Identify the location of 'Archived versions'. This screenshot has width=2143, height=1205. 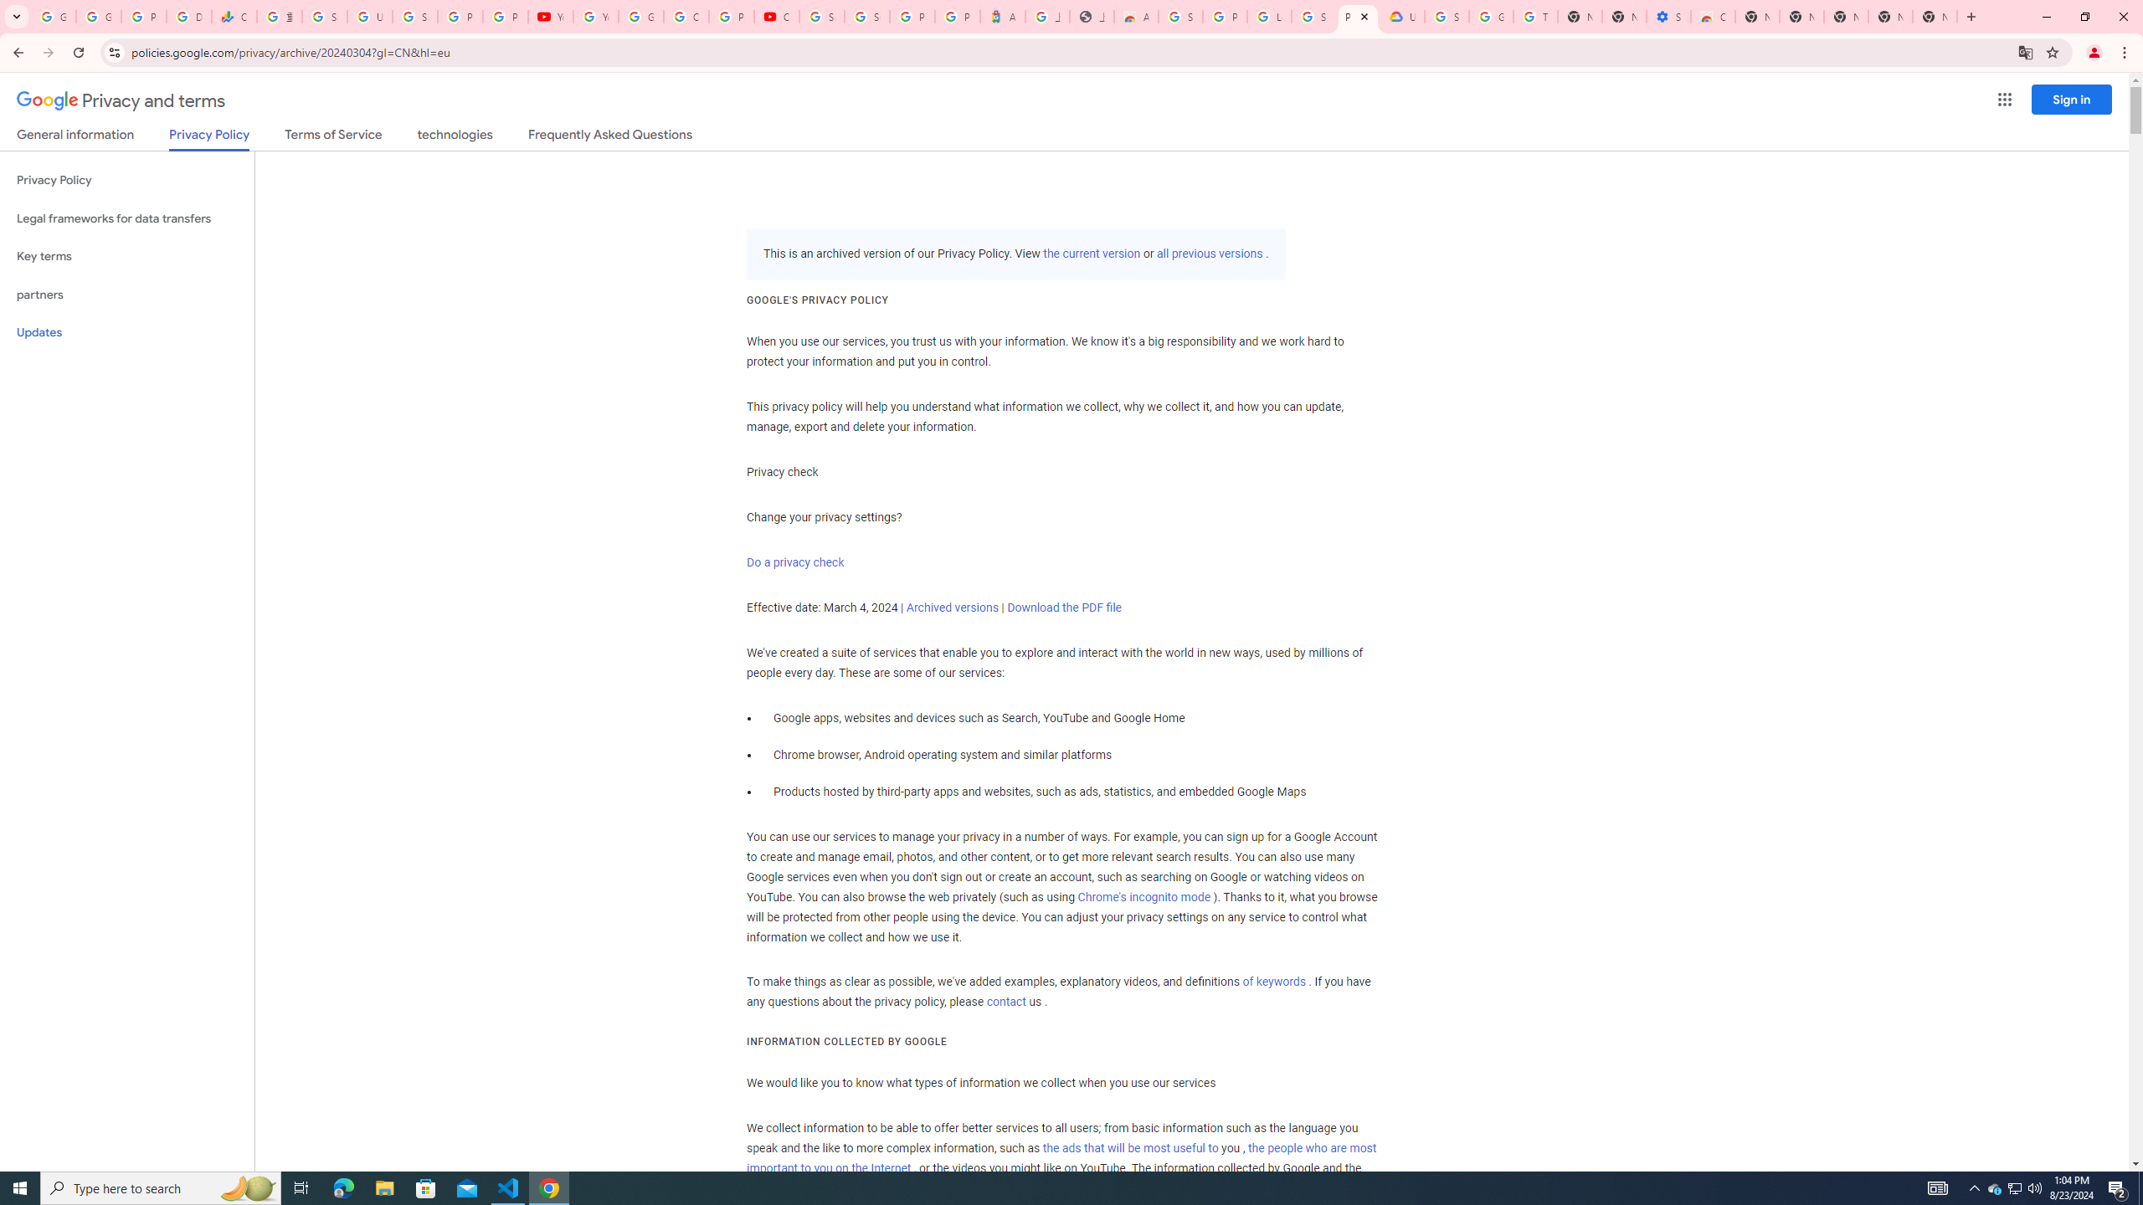
(952, 606).